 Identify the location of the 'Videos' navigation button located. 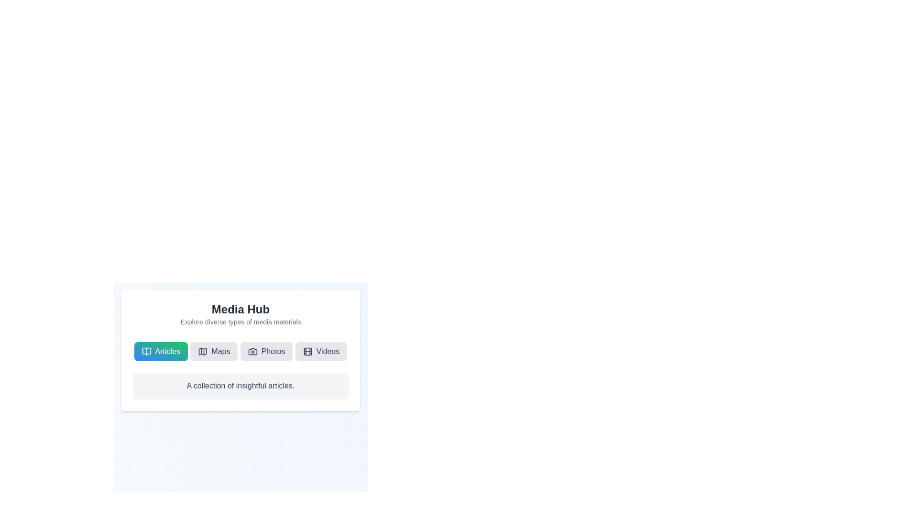
(321, 352).